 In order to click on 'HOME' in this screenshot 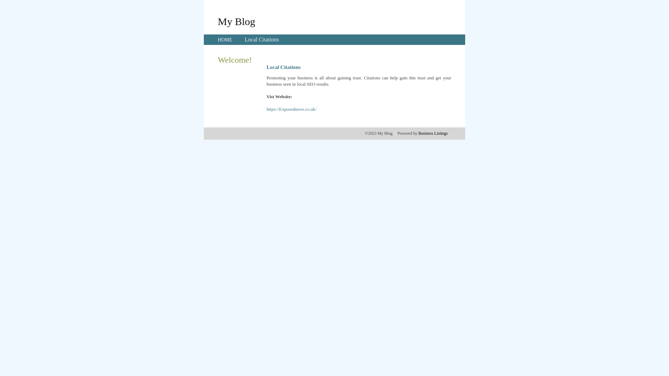, I will do `click(225, 40)`.